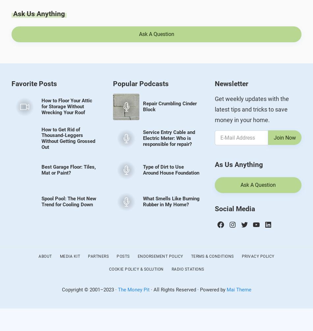 This screenshot has width=313, height=331. What do you see at coordinates (257, 256) in the screenshot?
I see `'Privacy Policy'` at bounding box center [257, 256].